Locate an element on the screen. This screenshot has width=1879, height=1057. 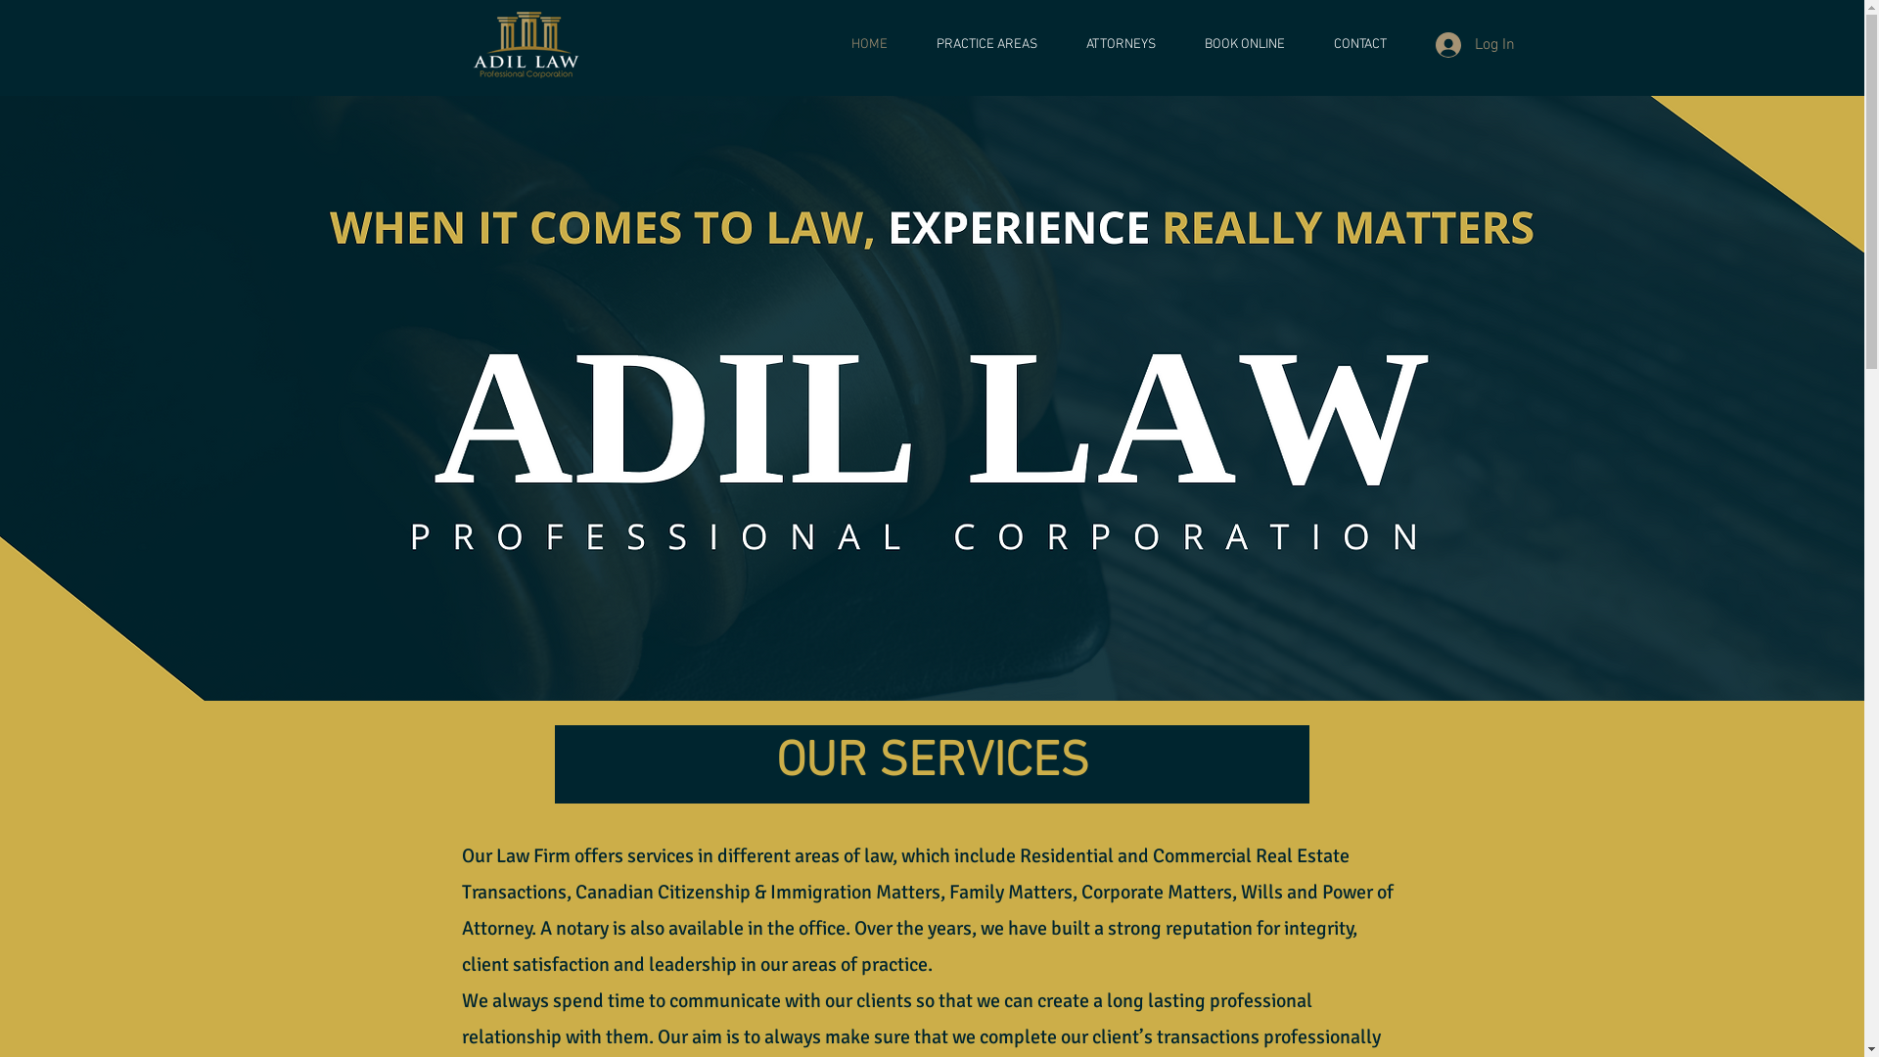
'ATTORNEYS' is located at coordinates (1120, 44).